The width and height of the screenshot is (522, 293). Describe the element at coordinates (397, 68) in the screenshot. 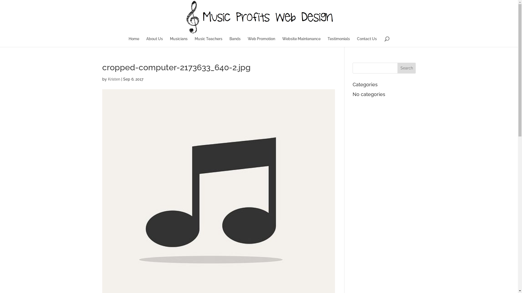

I see `'Search'` at that location.